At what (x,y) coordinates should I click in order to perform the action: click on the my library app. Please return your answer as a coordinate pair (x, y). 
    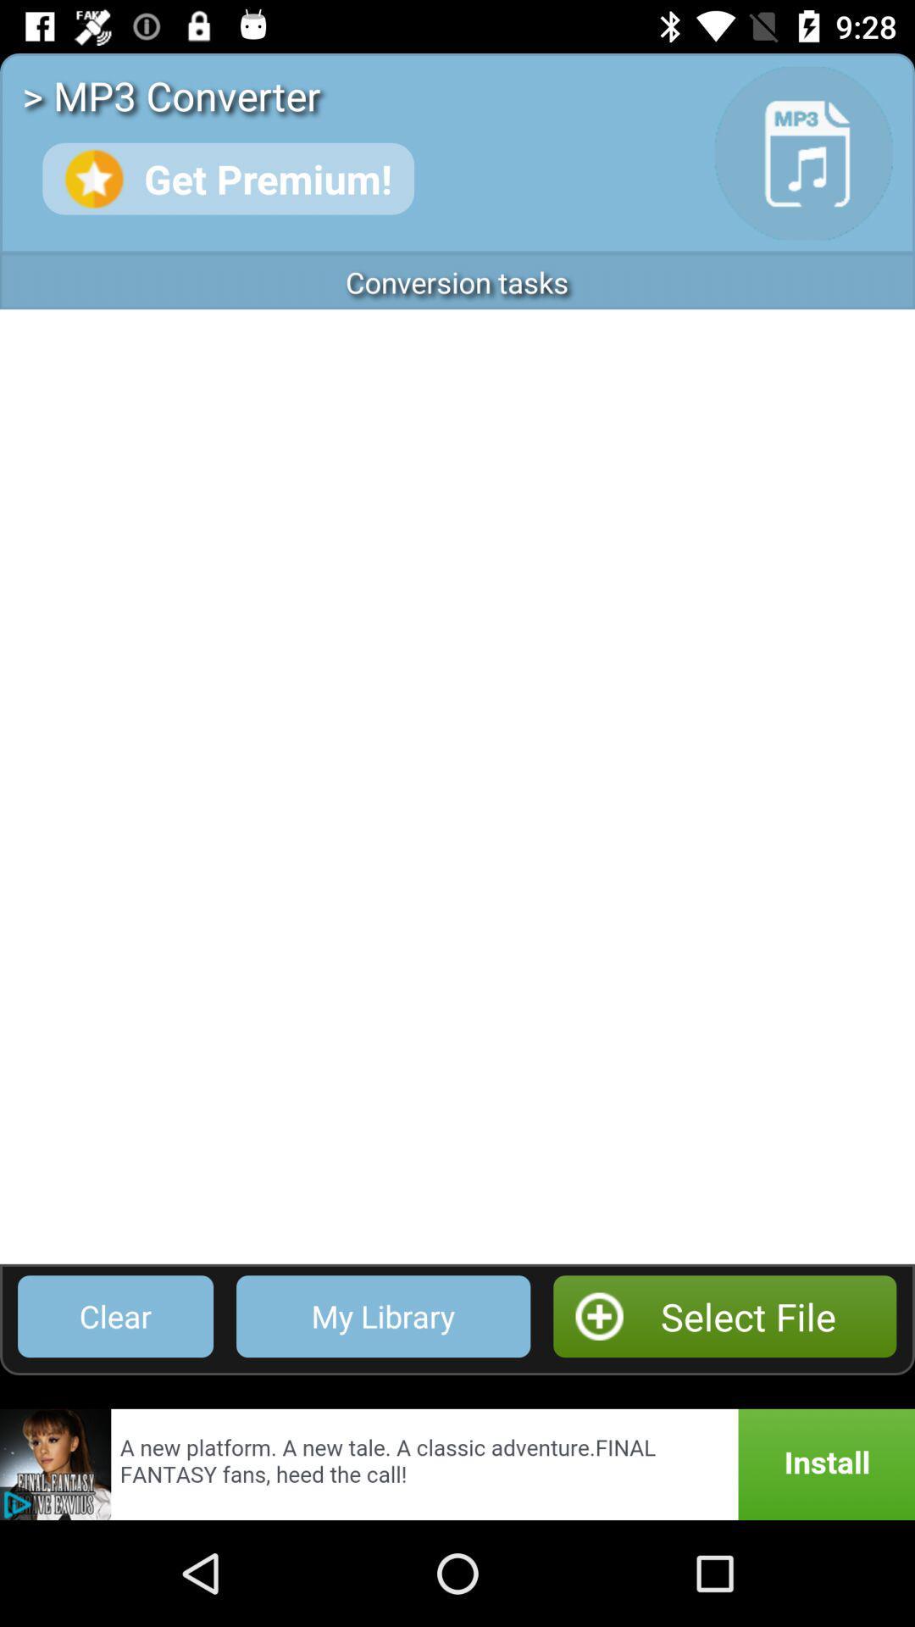
    Looking at the image, I should click on (383, 1315).